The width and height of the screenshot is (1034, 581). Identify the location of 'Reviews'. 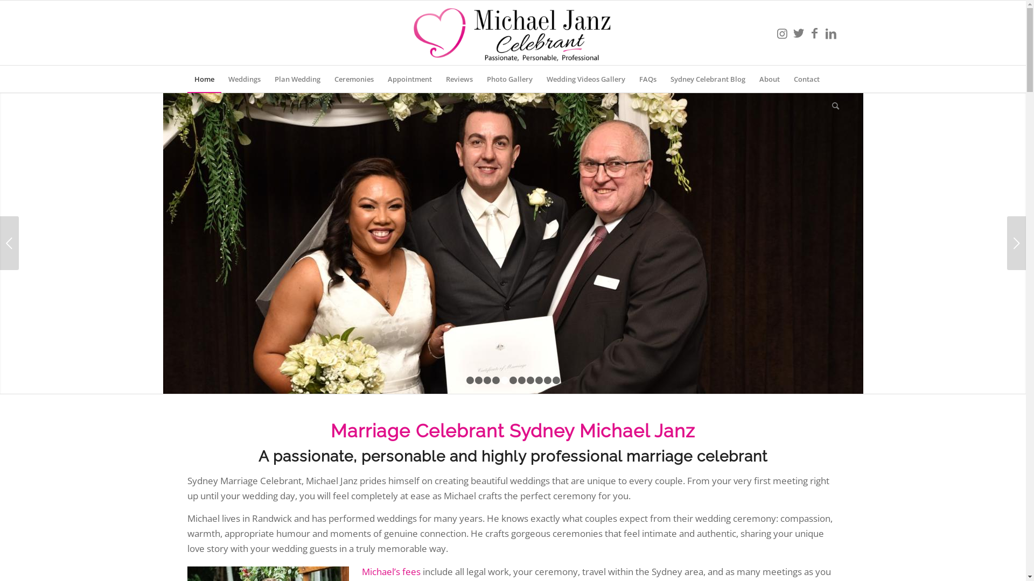
(458, 78).